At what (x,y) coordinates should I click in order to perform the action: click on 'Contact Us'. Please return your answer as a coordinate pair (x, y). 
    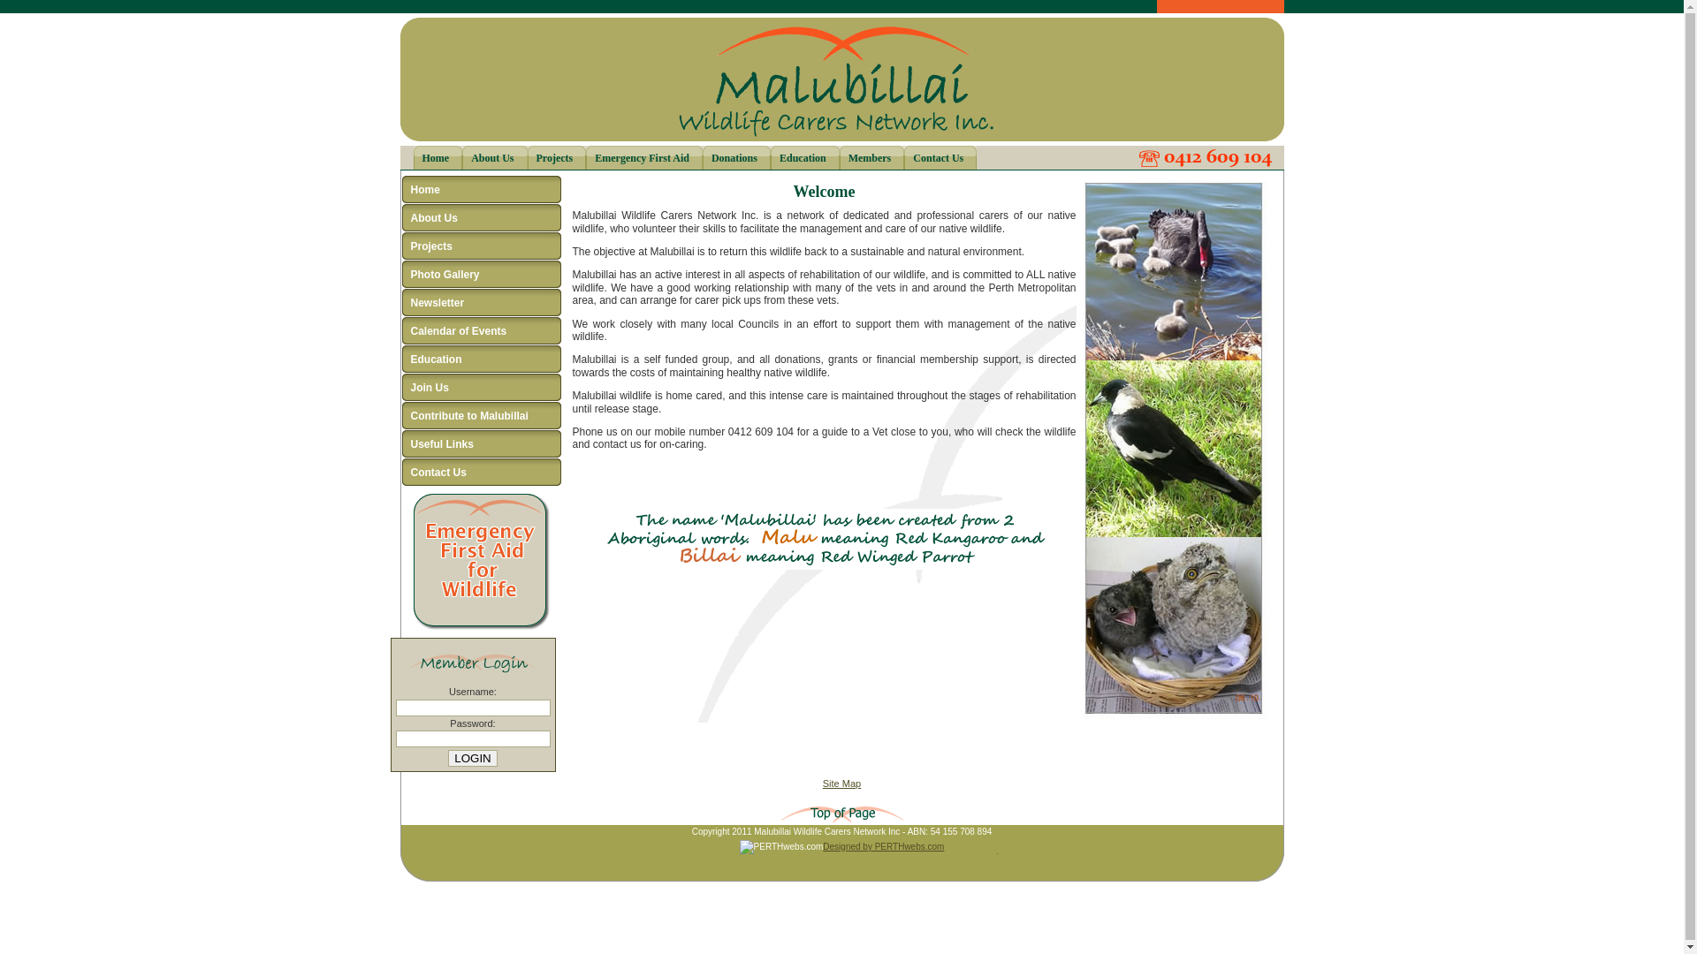
    Looking at the image, I should click on (940, 156).